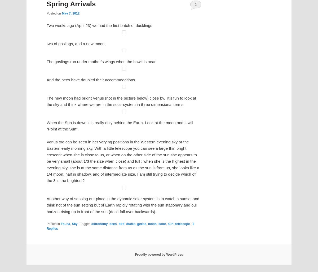  Describe the element at coordinates (135, 177) in the screenshot. I see `'bugs'` at that location.